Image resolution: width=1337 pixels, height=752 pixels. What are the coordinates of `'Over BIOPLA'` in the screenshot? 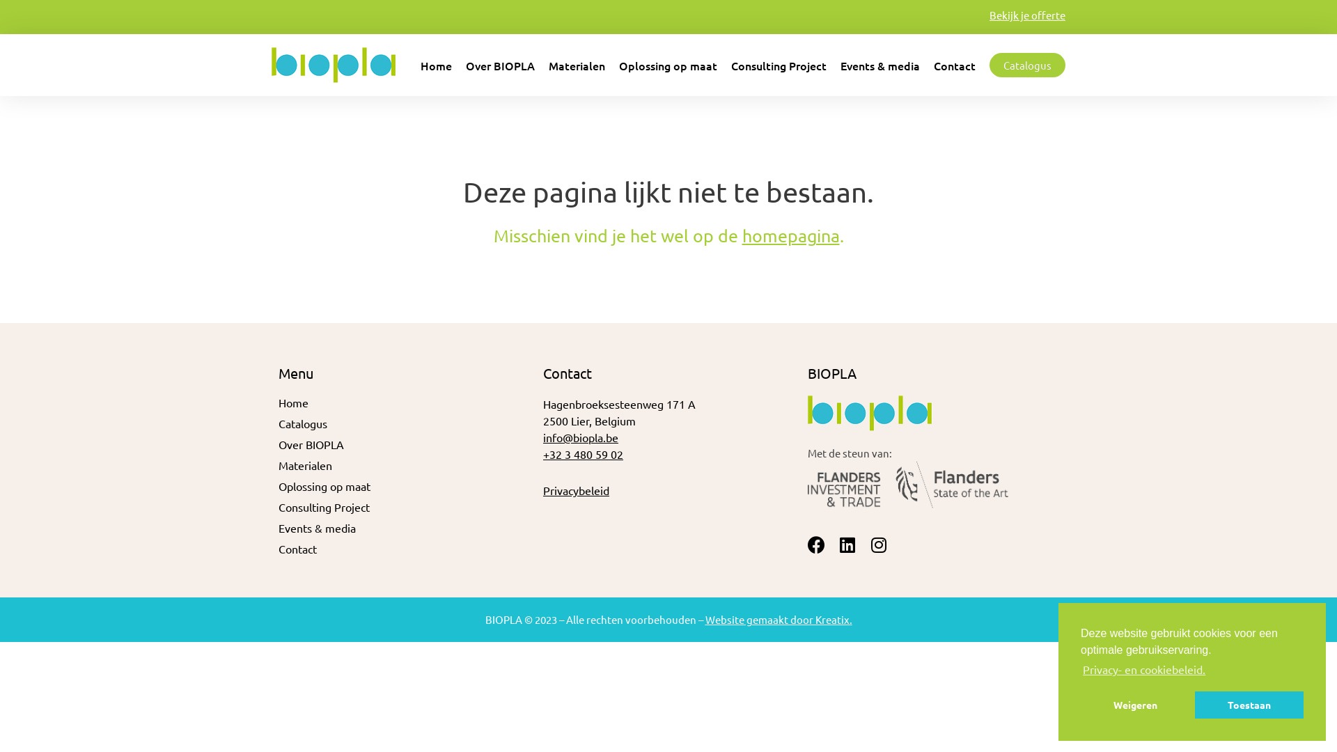 It's located at (278, 444).